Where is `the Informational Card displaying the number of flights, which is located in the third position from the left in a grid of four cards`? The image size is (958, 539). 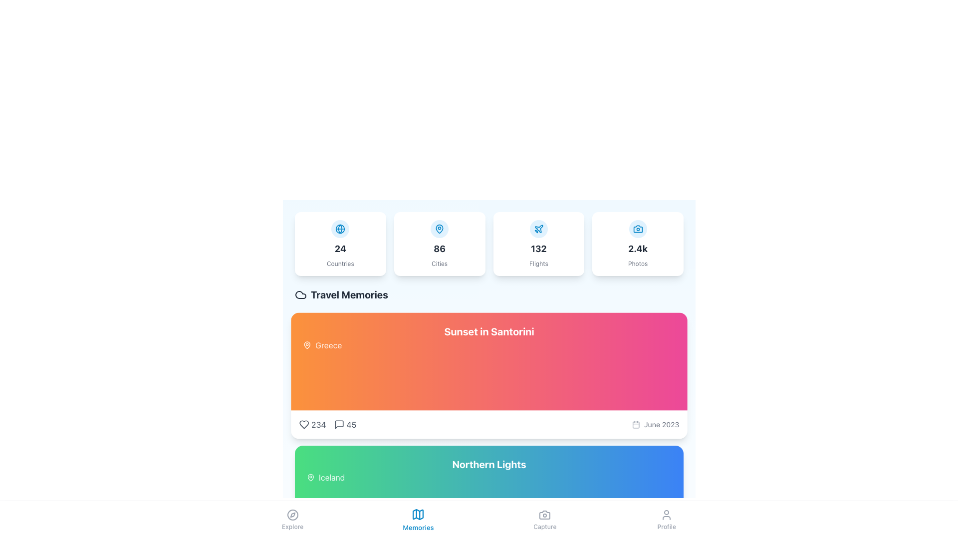
the Informational Card displaying the number of flights, which is located in the third position from the left in a grid of four cards is located at coordinates (538, 244).